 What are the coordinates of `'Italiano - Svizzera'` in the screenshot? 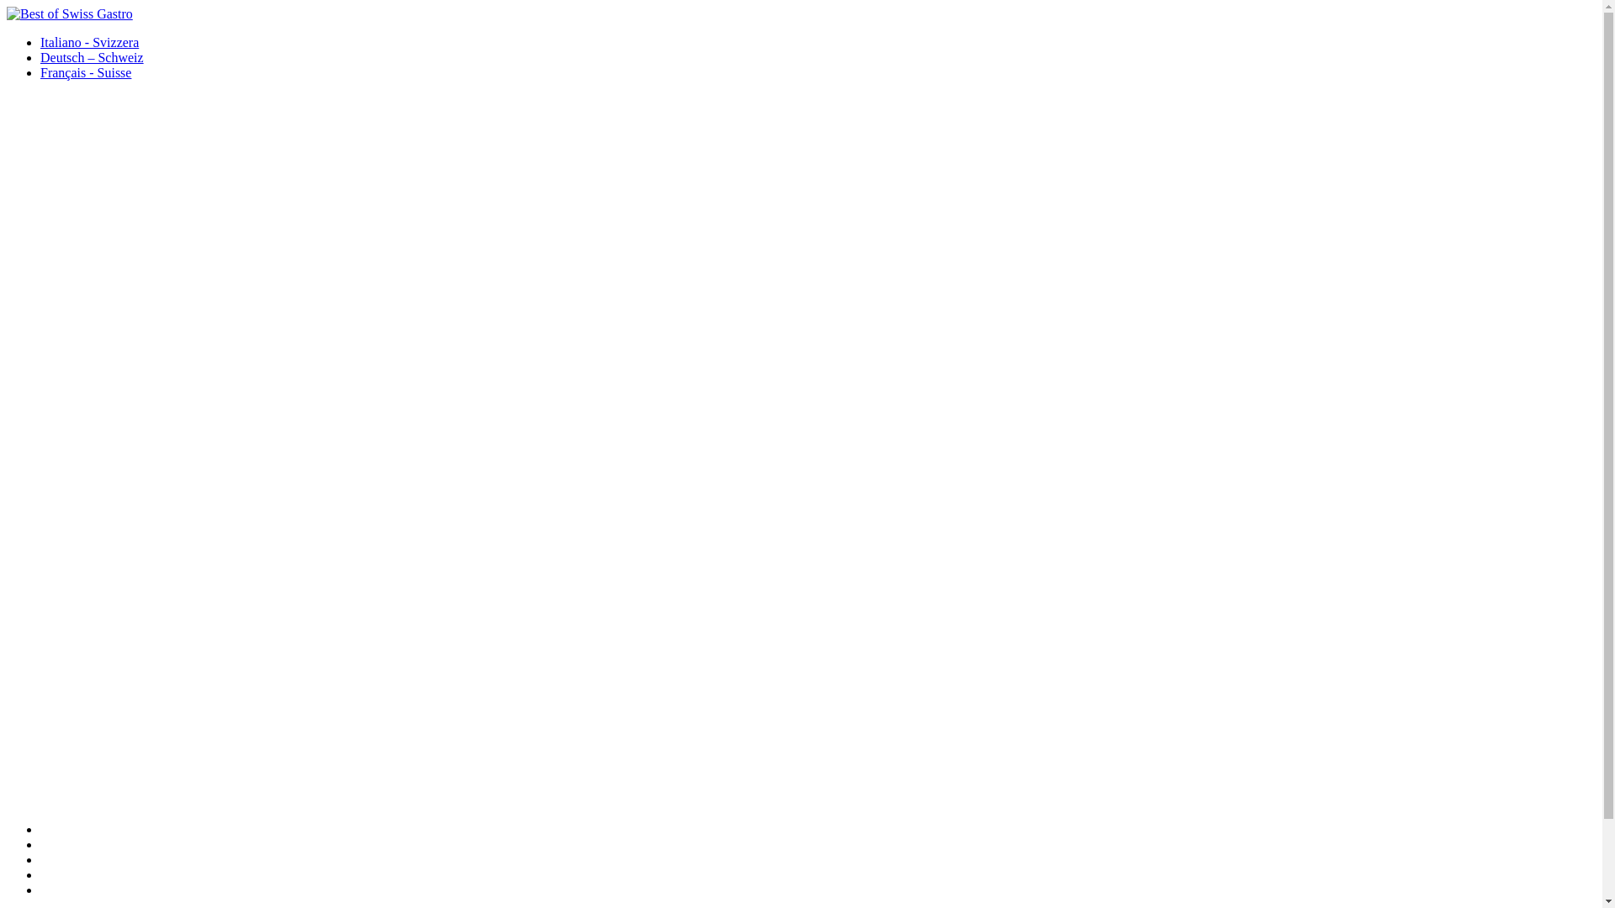 It's located at (88, 41).